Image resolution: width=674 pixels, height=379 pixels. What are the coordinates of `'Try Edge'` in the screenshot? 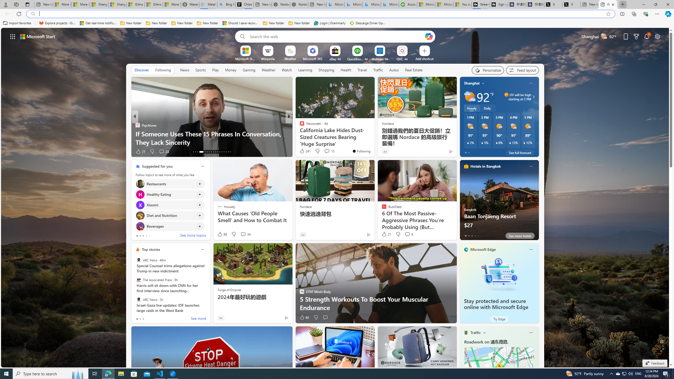 It's located at (499, 318).